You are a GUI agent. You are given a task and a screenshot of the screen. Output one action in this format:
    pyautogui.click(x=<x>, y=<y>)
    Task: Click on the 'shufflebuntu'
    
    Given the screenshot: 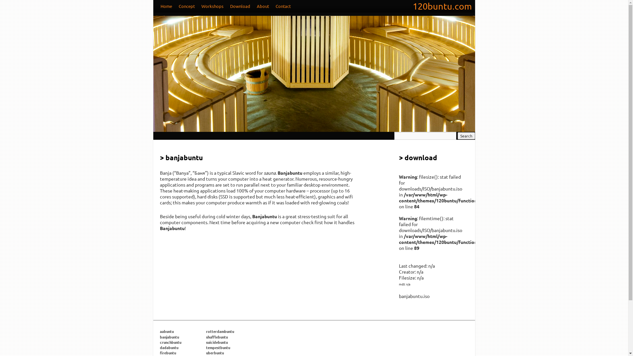 What is the action you would take?
    pyautogui.click(x=217, y=337)
    